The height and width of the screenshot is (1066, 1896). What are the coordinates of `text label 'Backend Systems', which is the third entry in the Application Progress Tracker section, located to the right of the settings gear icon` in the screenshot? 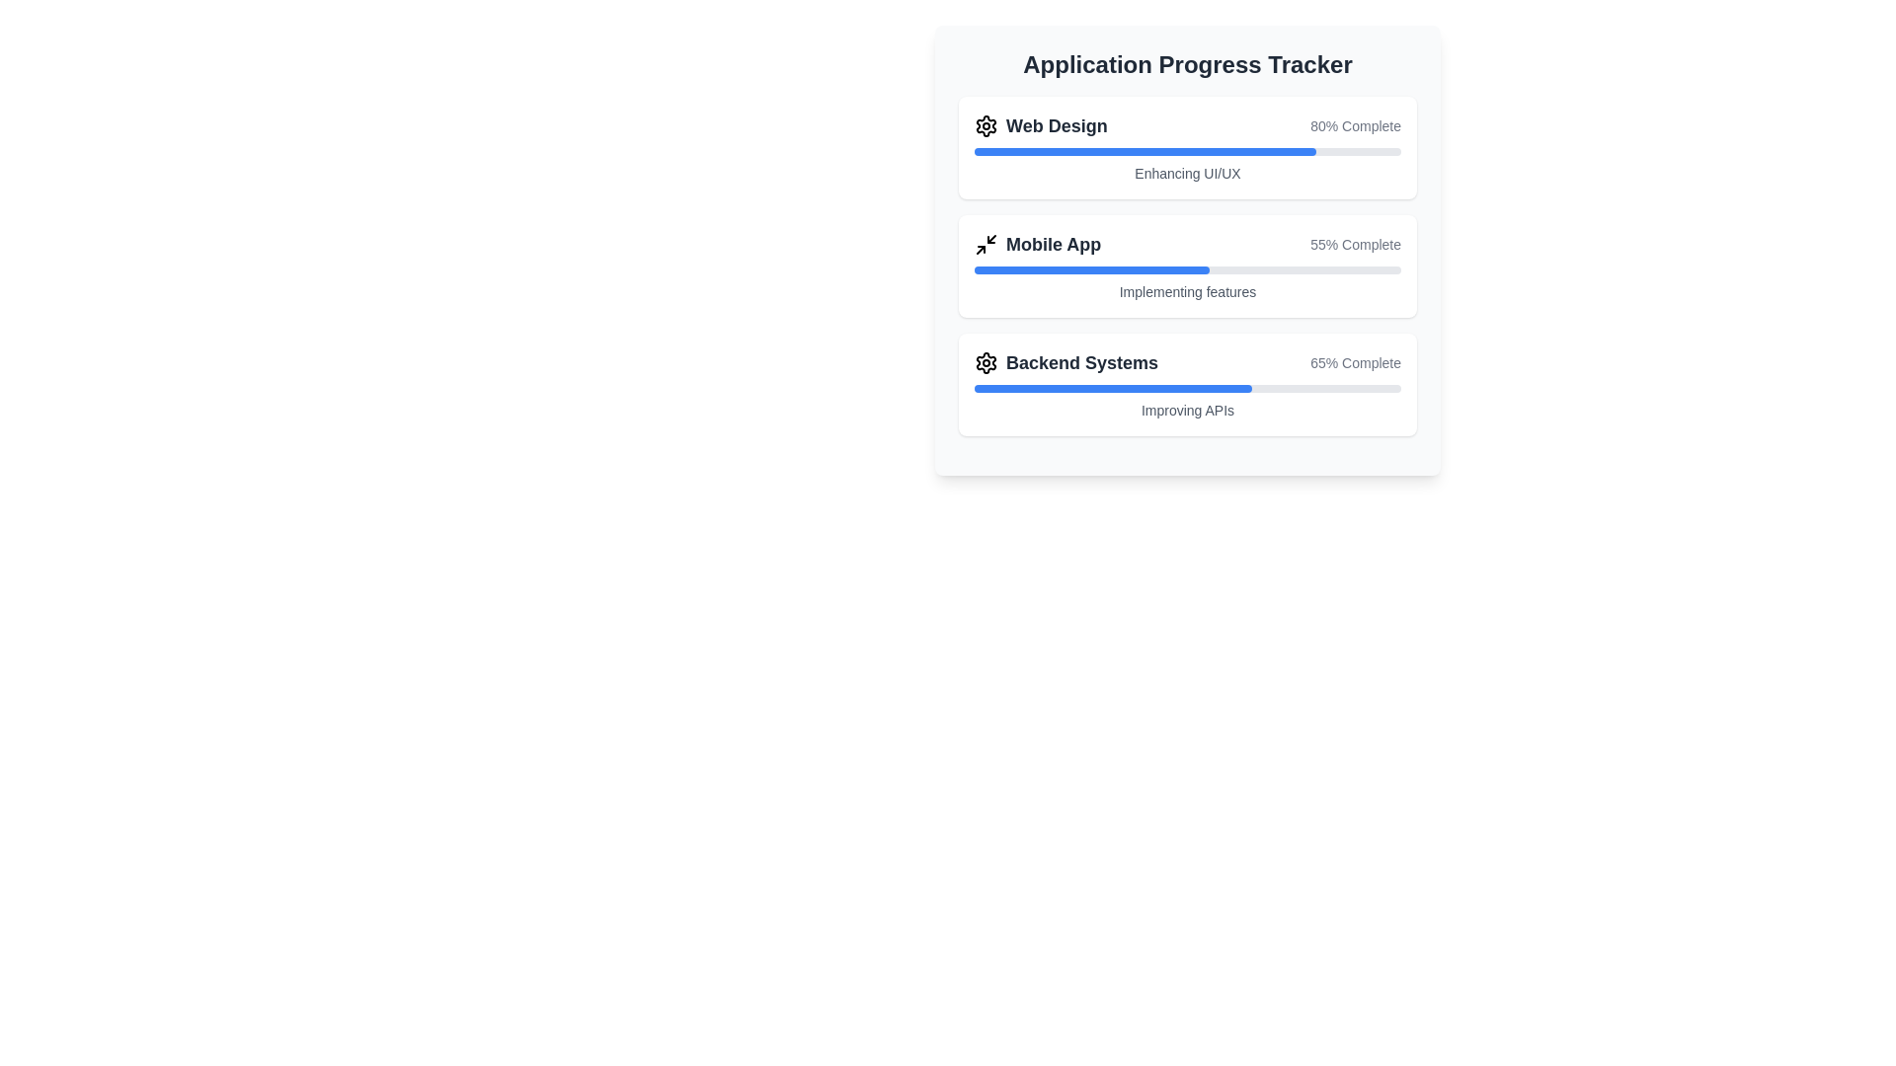 It's located at (1081, 362).